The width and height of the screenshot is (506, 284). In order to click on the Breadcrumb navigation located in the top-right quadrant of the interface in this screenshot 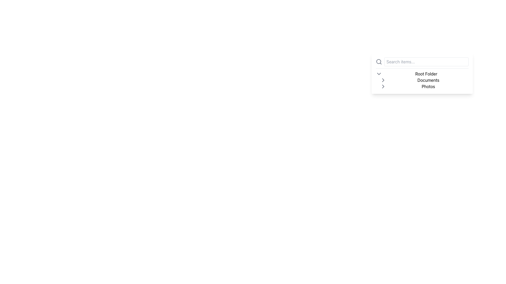, I will do `click(422, 73)`.